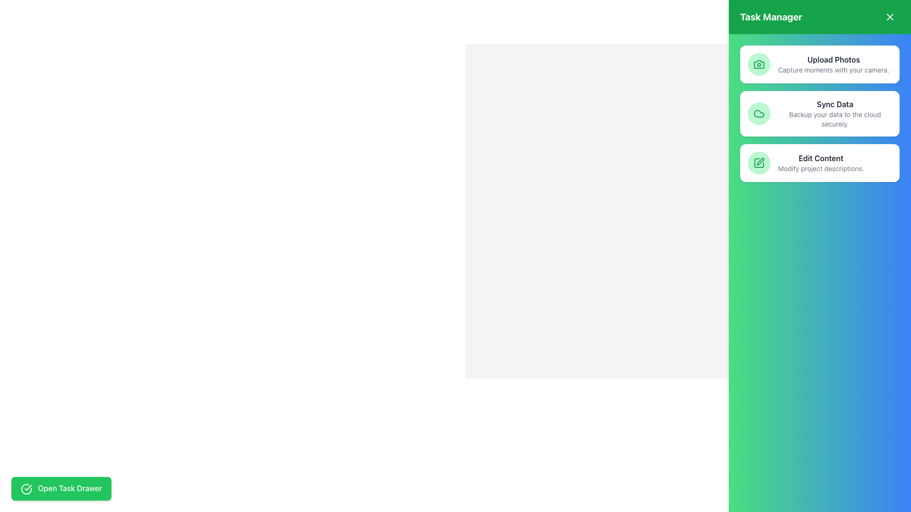  I want to click on the 'Upload Photos' text label, which is styled in bold, dark-colored text and located at the top left of the 'Upload Photos' card in the 'Task Manager' panel, so click(833, 60).